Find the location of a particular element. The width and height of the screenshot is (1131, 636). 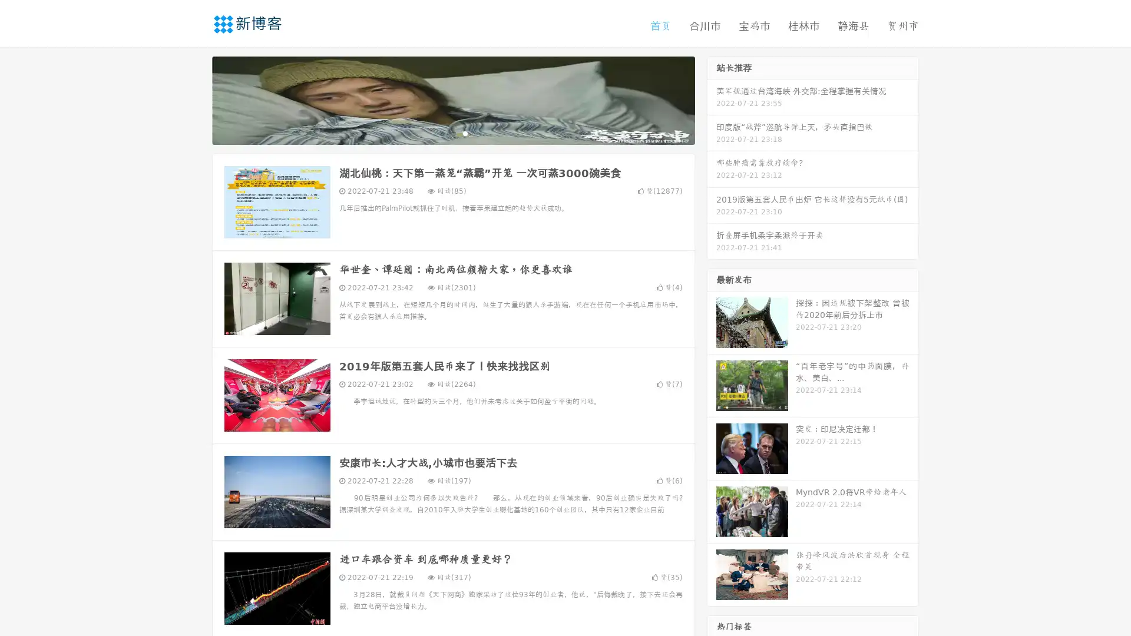

Next slide is located at coordinates (712, 99).